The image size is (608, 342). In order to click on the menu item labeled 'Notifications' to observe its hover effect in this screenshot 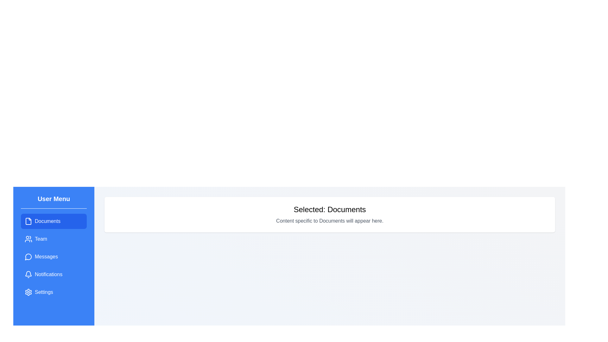, I will do `click(54, 274)`.